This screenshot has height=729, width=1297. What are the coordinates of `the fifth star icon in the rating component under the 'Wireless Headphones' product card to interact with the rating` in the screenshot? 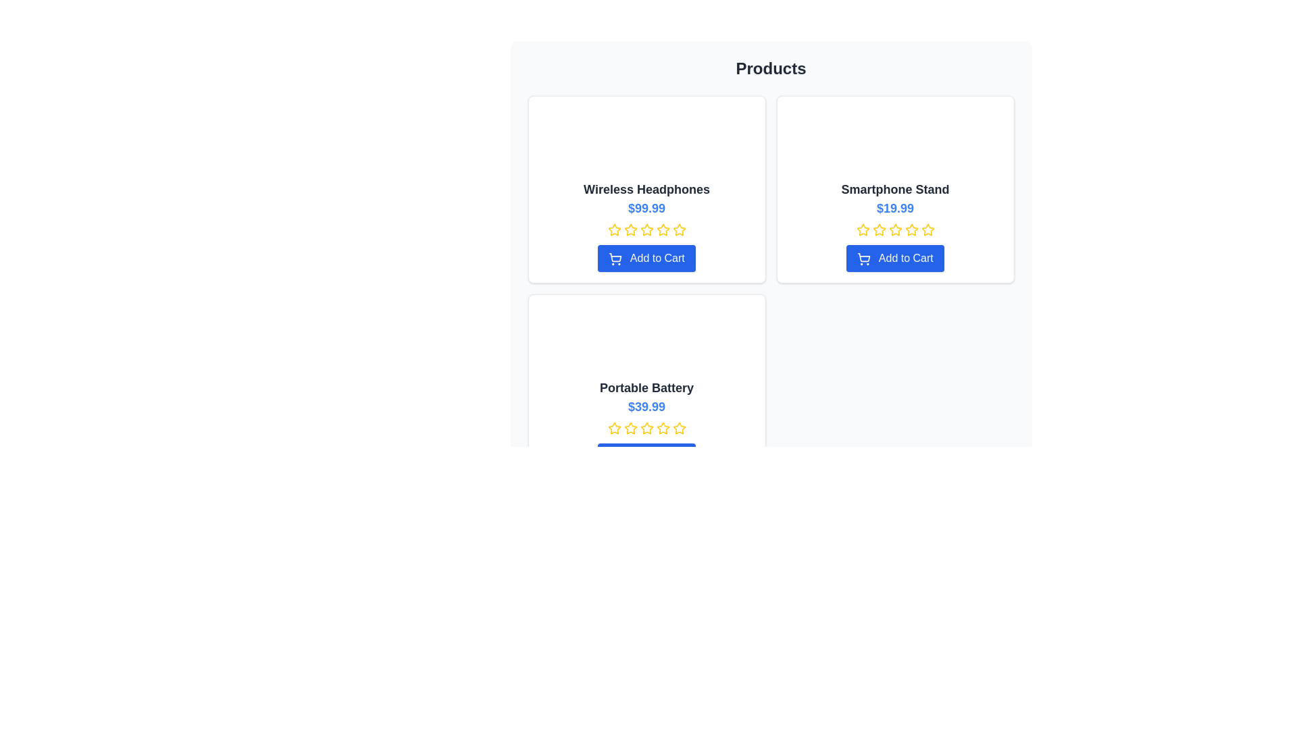 It's located at (679, 229).